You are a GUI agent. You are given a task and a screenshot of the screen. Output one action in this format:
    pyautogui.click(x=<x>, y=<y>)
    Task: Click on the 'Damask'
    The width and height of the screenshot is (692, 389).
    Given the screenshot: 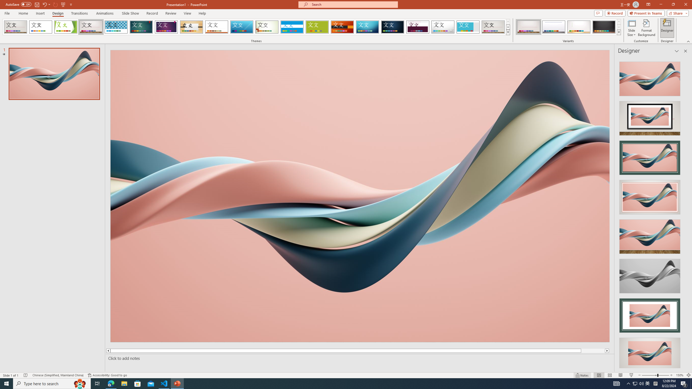 What is the action you would take?
    pyautogui.click(x=392, y=27)
    